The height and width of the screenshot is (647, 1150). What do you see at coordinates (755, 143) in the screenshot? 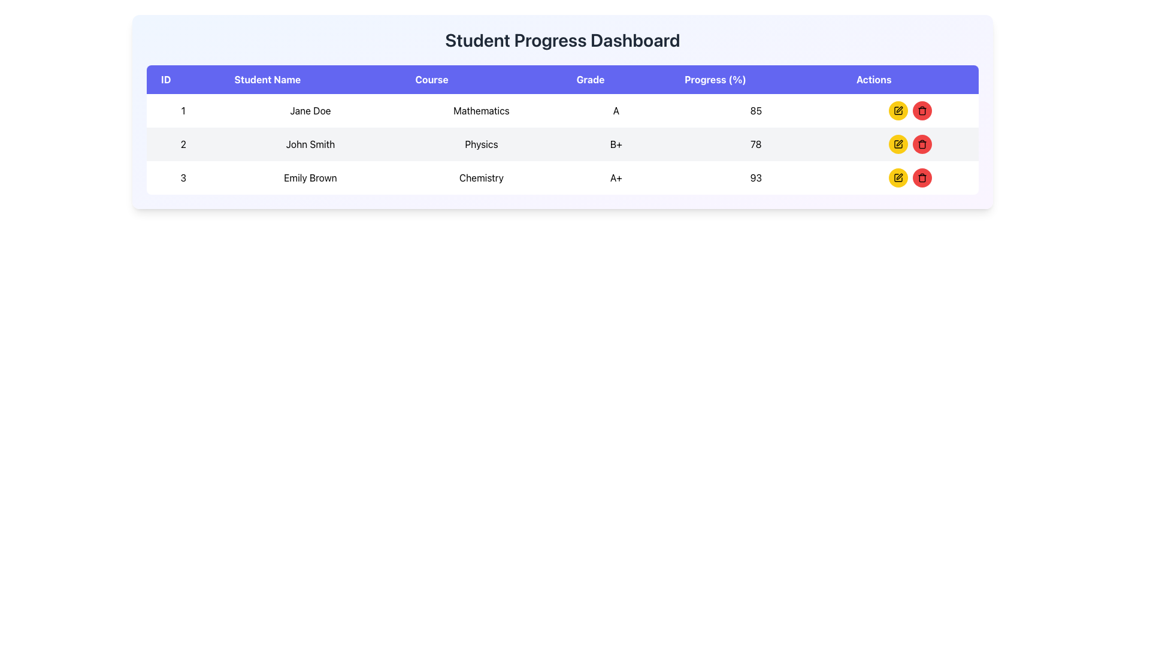
I see `the static progress percentage text label for student 'John Smith' in the 'Progress (%)' column` at bounding box center [755, 143].